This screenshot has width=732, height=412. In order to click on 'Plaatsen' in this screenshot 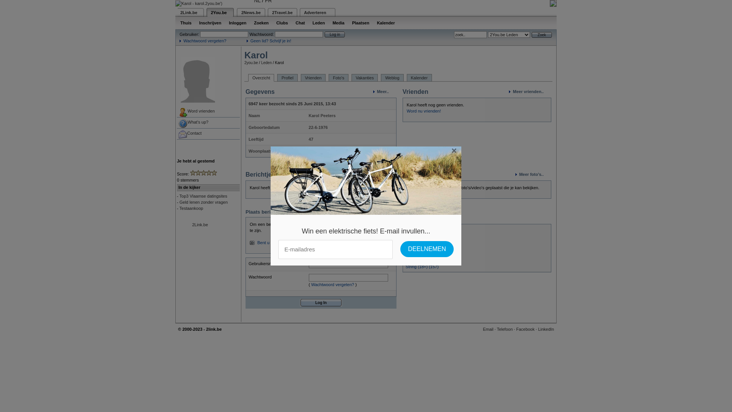, I will do `click(360, 23)`.